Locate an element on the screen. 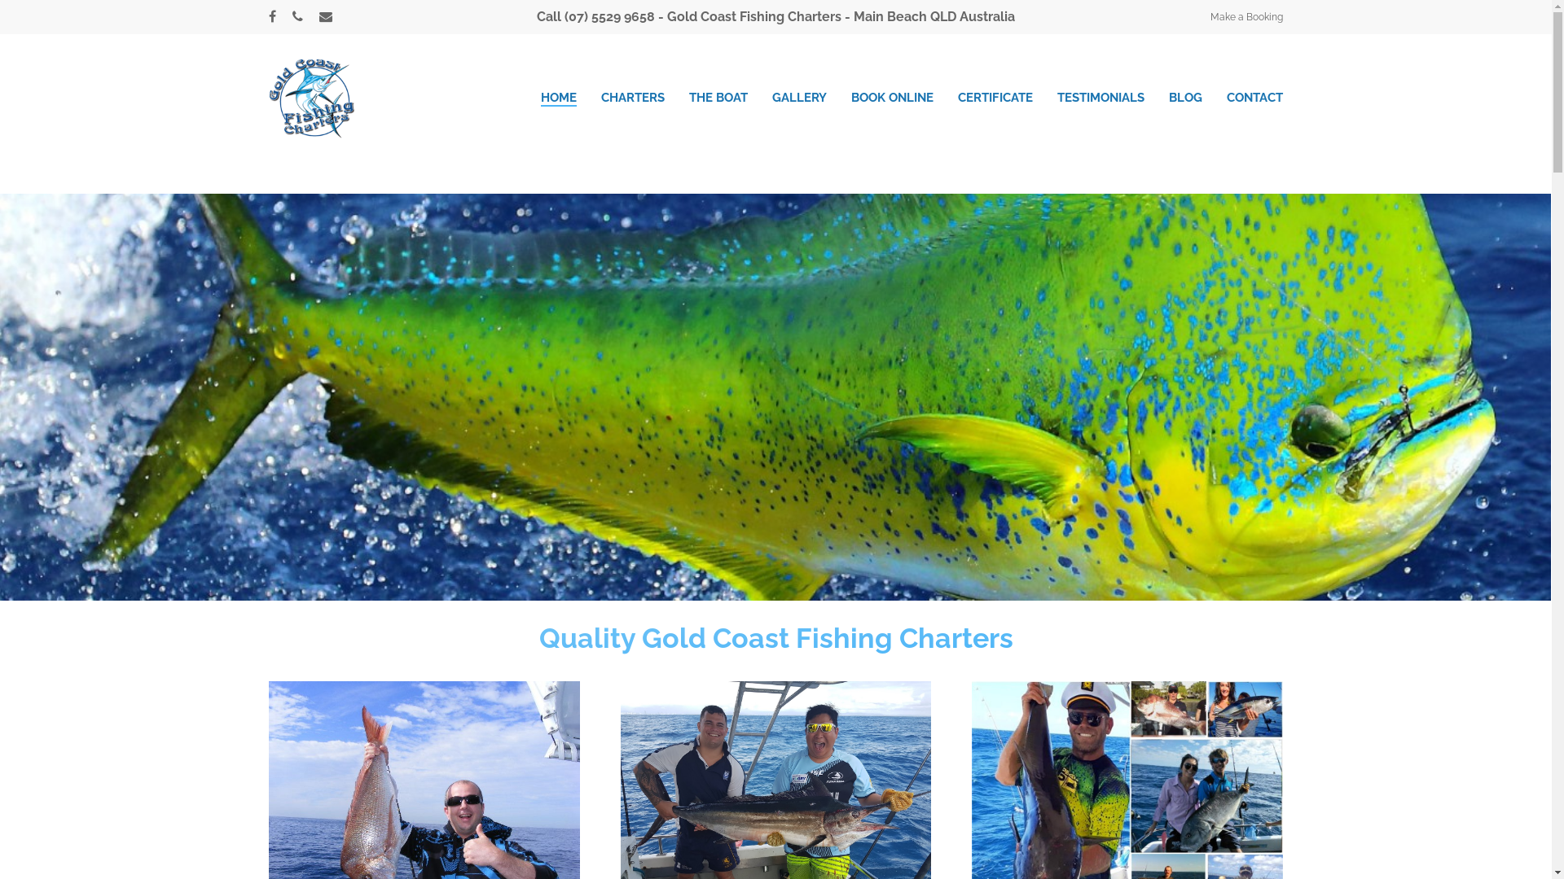 This screenshot has height=879, width=1564. 'CONTACT' is located at coordinates (1254, 97).